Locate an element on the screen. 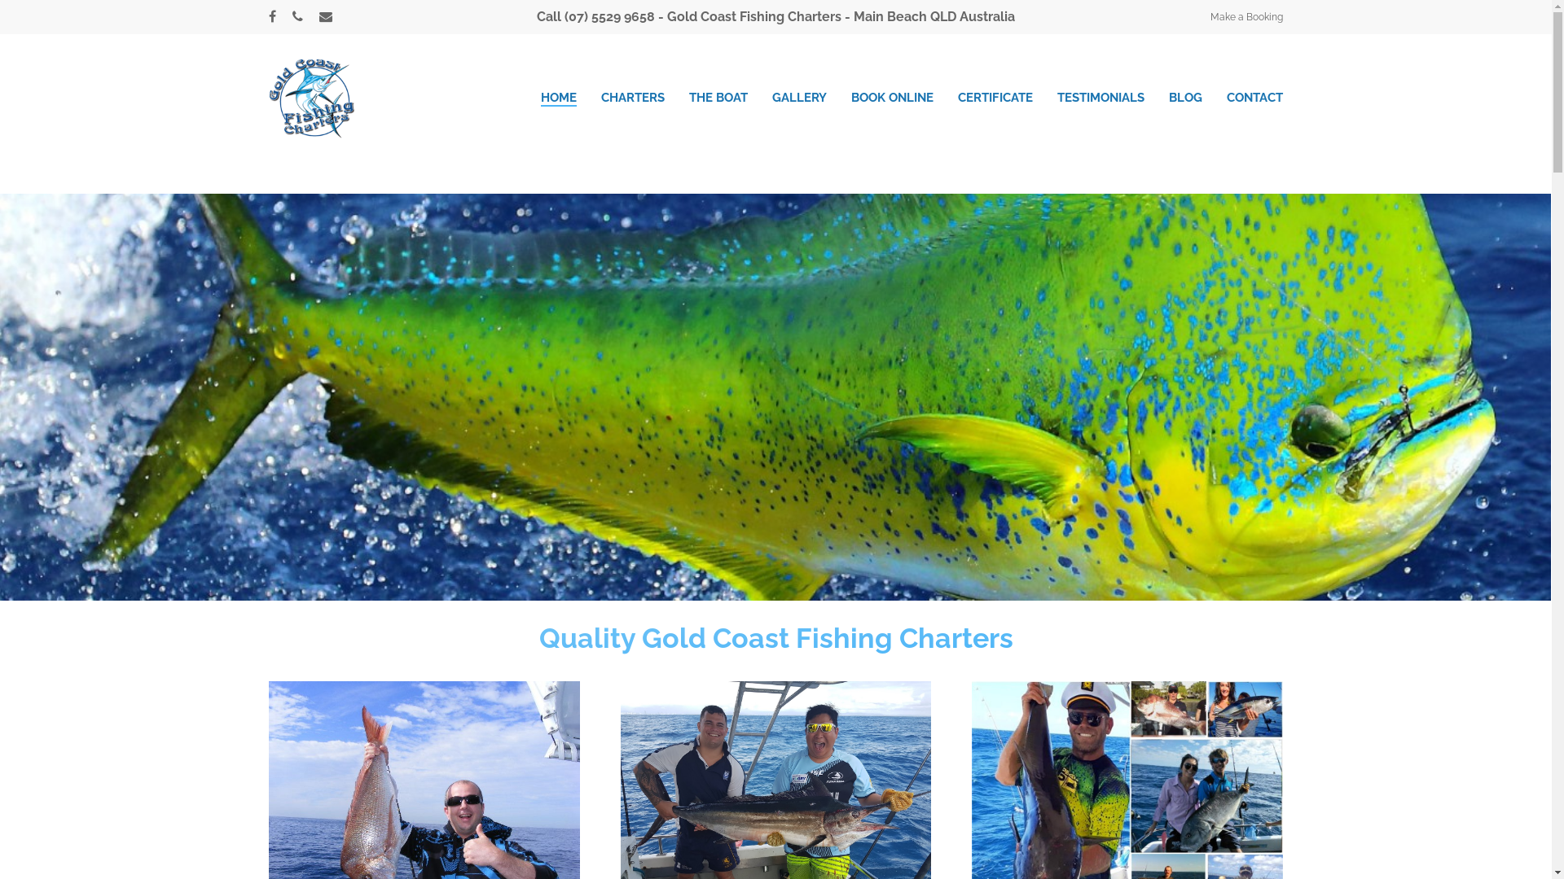 This screenshot has height=879, width=1564. 'CONTACT' is located at coordinates (1254, 97).